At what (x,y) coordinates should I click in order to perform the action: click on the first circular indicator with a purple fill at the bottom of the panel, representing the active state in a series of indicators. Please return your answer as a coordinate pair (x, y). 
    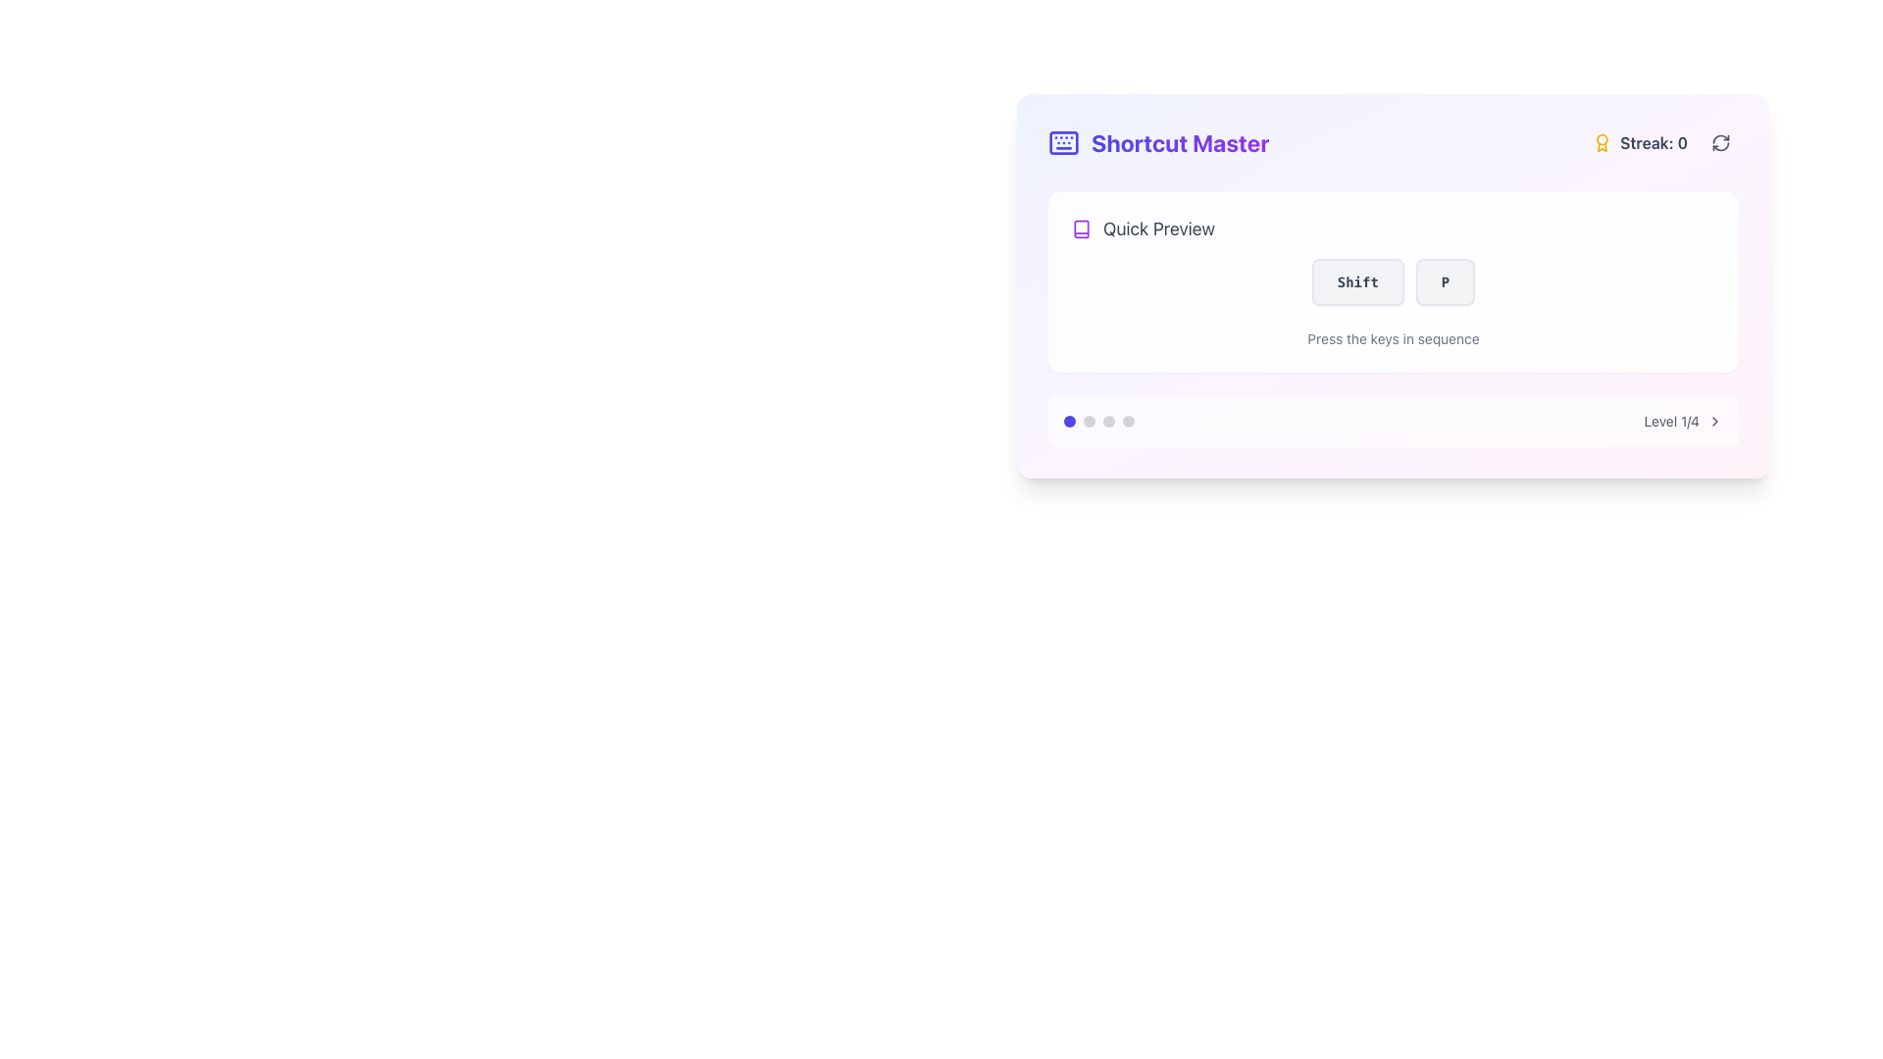
    Looking at the image, I should click on (1068, 420).